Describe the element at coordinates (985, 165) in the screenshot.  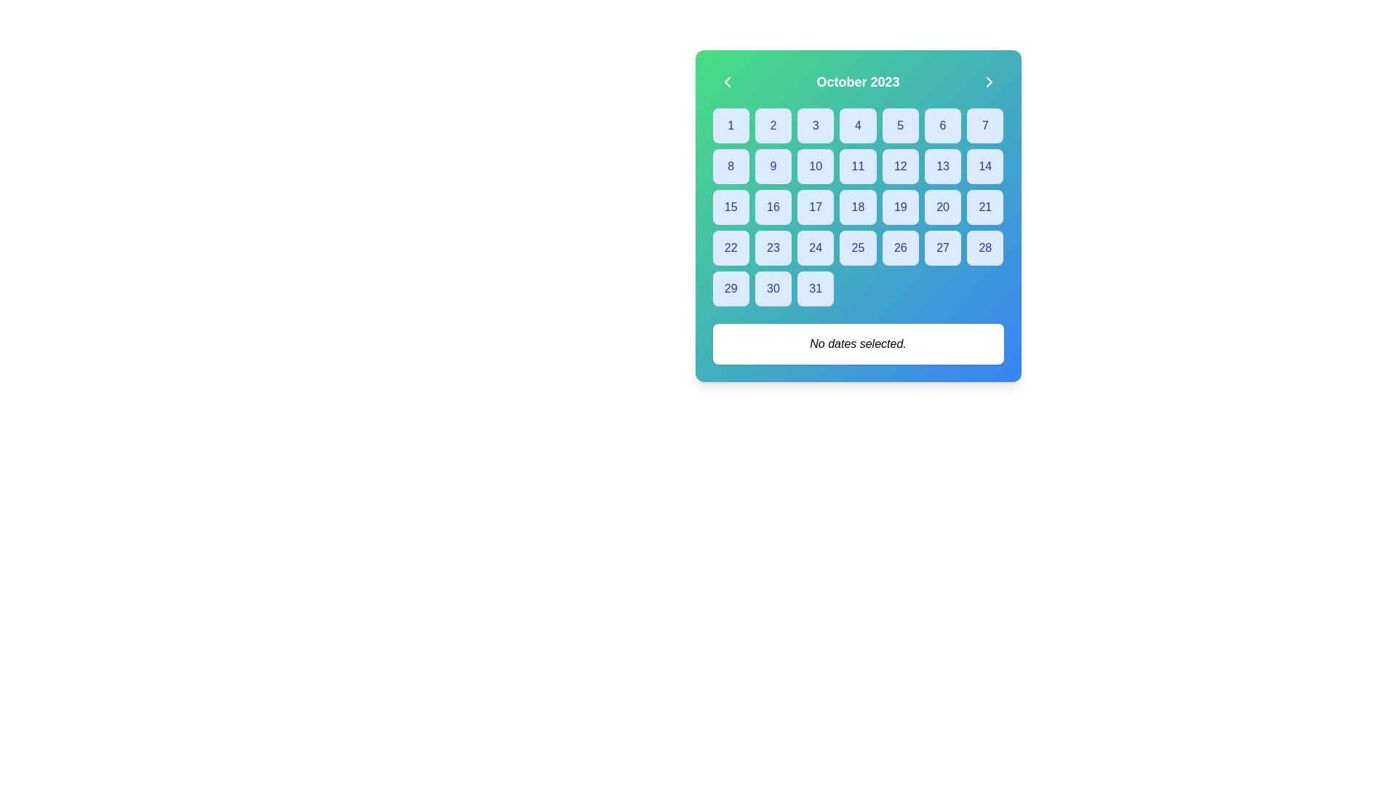
I see `the button representing the 14th day of the calendar` at that location.